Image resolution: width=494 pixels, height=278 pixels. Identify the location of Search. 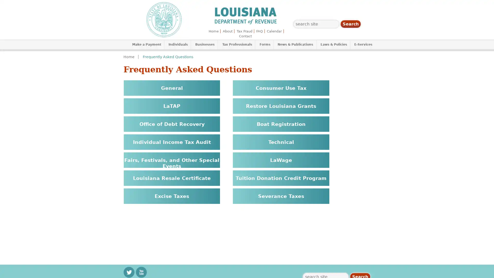
(350, 24).